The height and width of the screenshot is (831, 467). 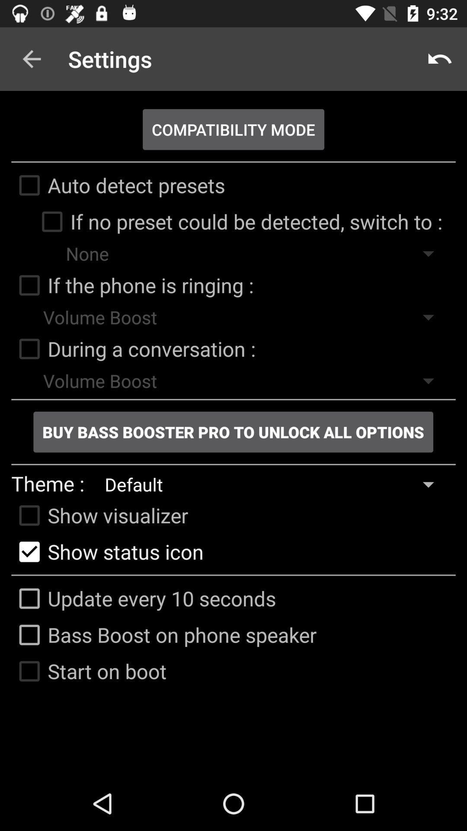 I want to click on icon below the update every 10 icon, so click(x=164, y=635).